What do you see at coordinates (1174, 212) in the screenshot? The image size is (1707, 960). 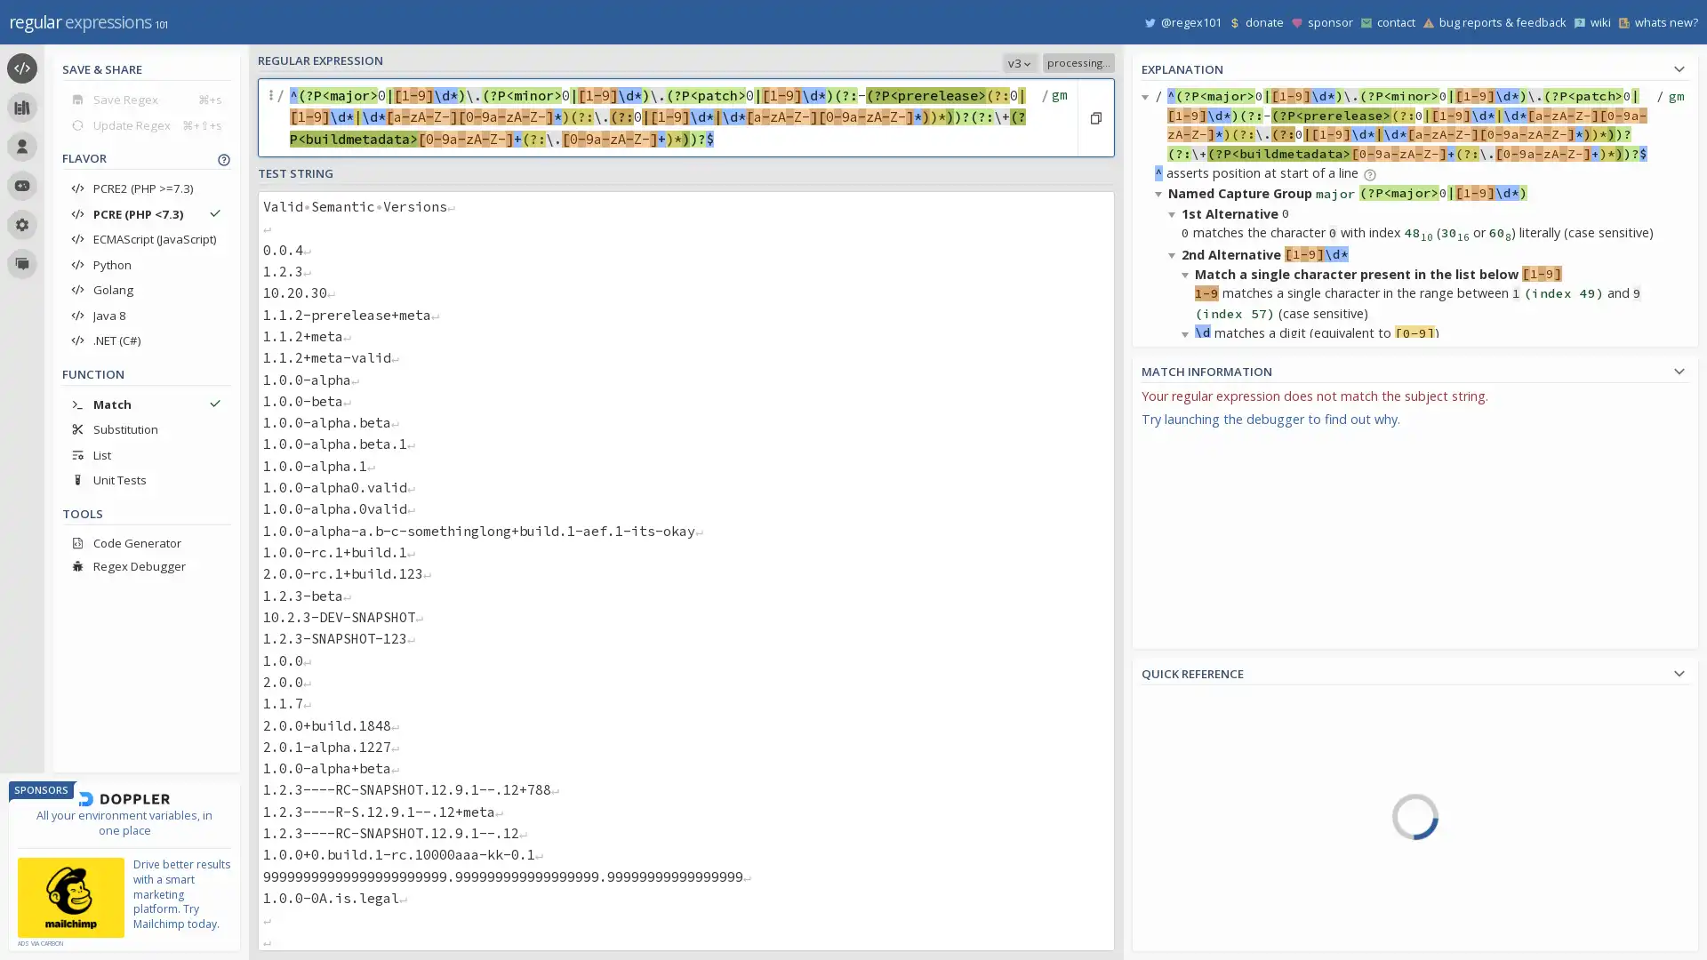 I see `Collapse Subtree` at bounding box center [1174, 212].